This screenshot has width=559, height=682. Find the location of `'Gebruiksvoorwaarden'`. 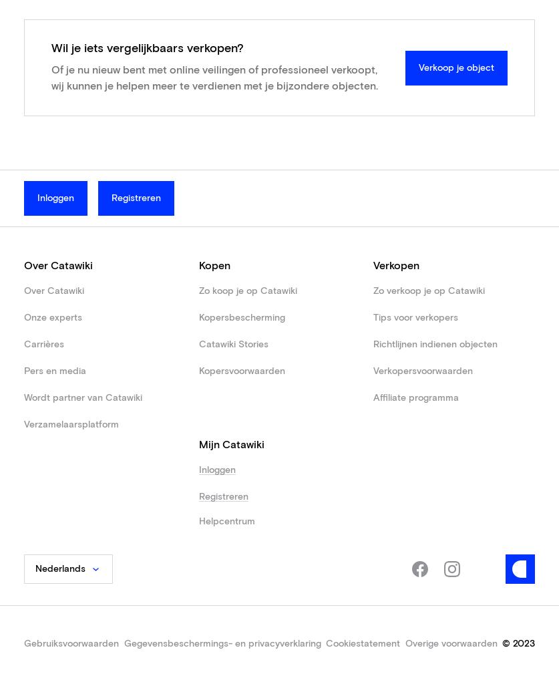

'Gebruiksvoorwaarden' is located at coordinates (23, 643).